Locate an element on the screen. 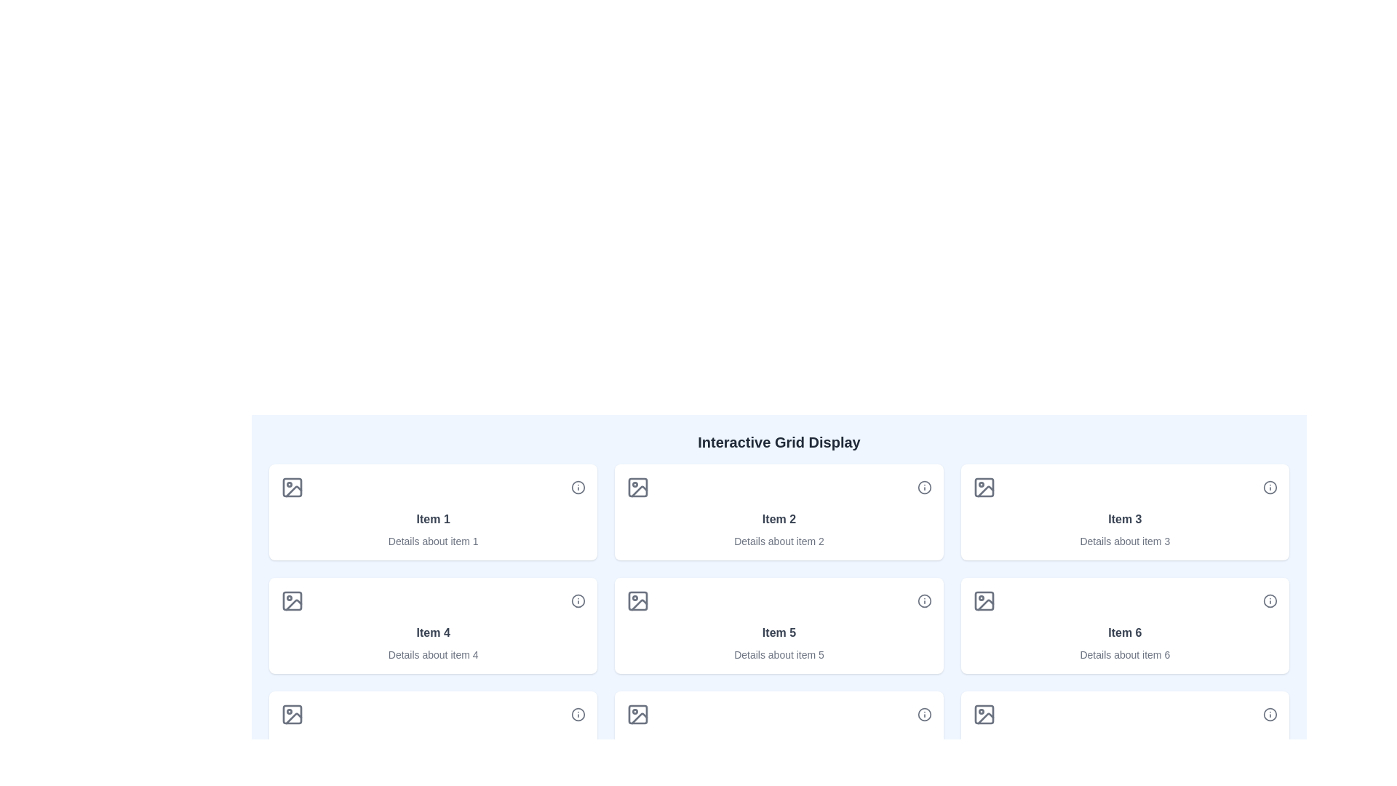 Image resolution: width=1397 pixels, height=786 pixels. the circular 'information' icon button located to the right of the 'Item 6' card in the grid layout is located at coordinates (1270, 600).